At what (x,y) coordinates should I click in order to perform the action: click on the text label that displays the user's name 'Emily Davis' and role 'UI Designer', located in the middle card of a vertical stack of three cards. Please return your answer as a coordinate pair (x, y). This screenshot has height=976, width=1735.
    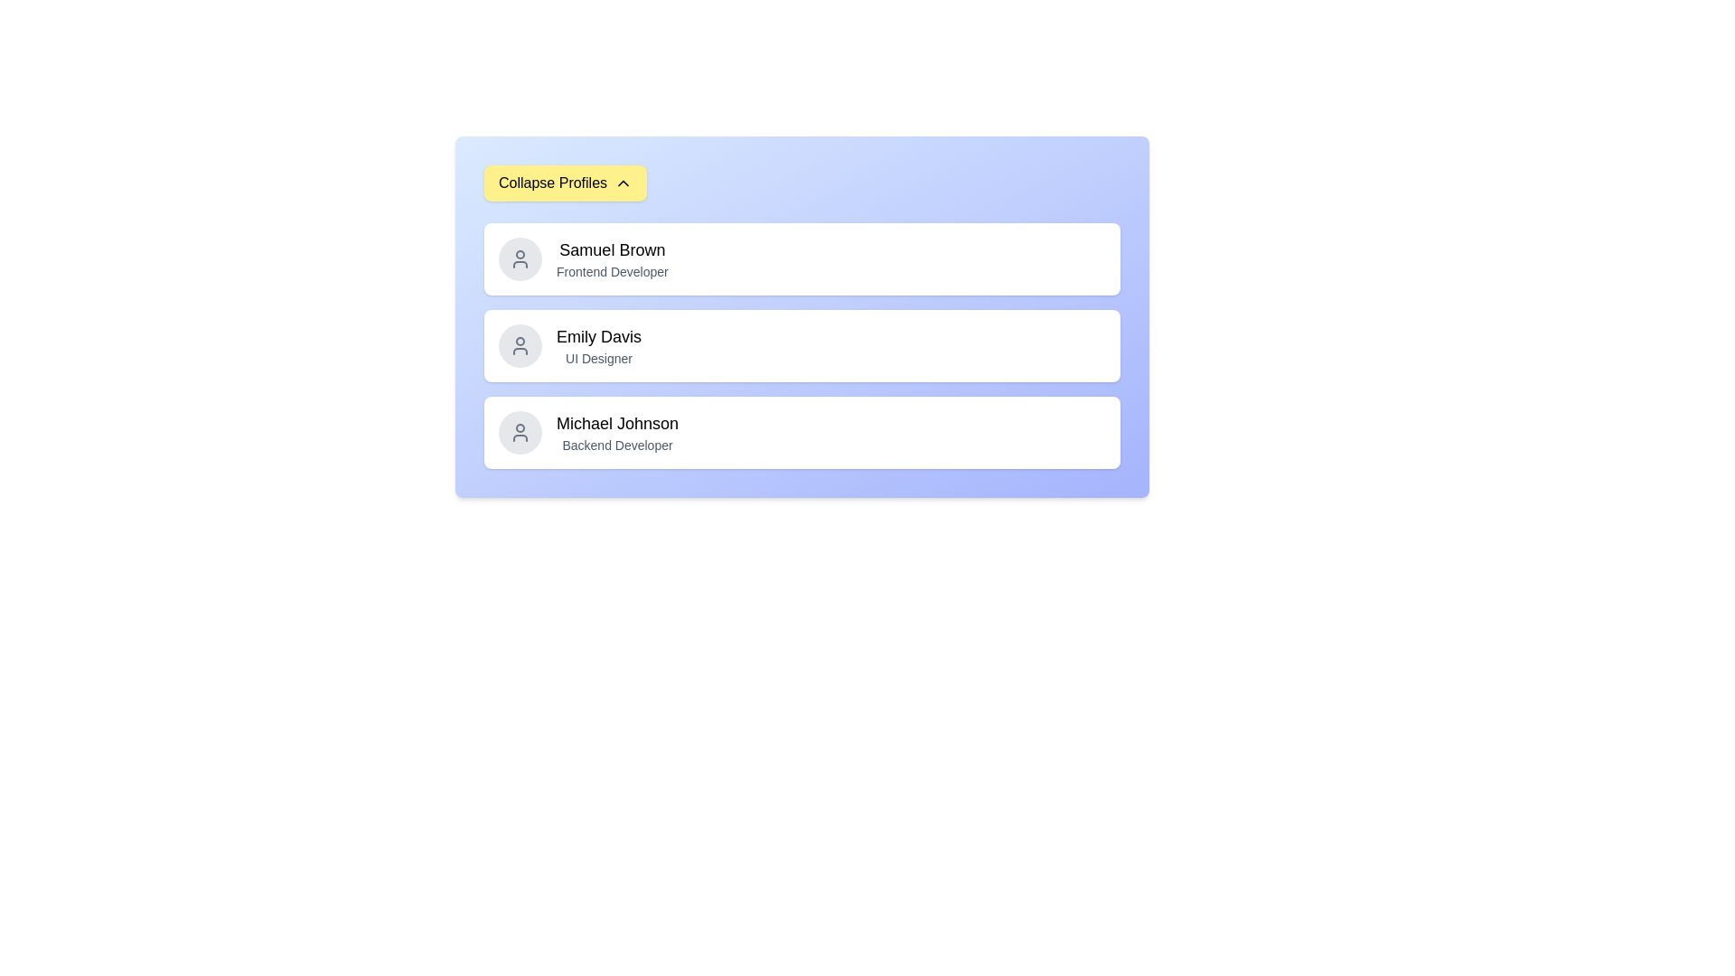
    Looking at the image, I should click on (598, 345).